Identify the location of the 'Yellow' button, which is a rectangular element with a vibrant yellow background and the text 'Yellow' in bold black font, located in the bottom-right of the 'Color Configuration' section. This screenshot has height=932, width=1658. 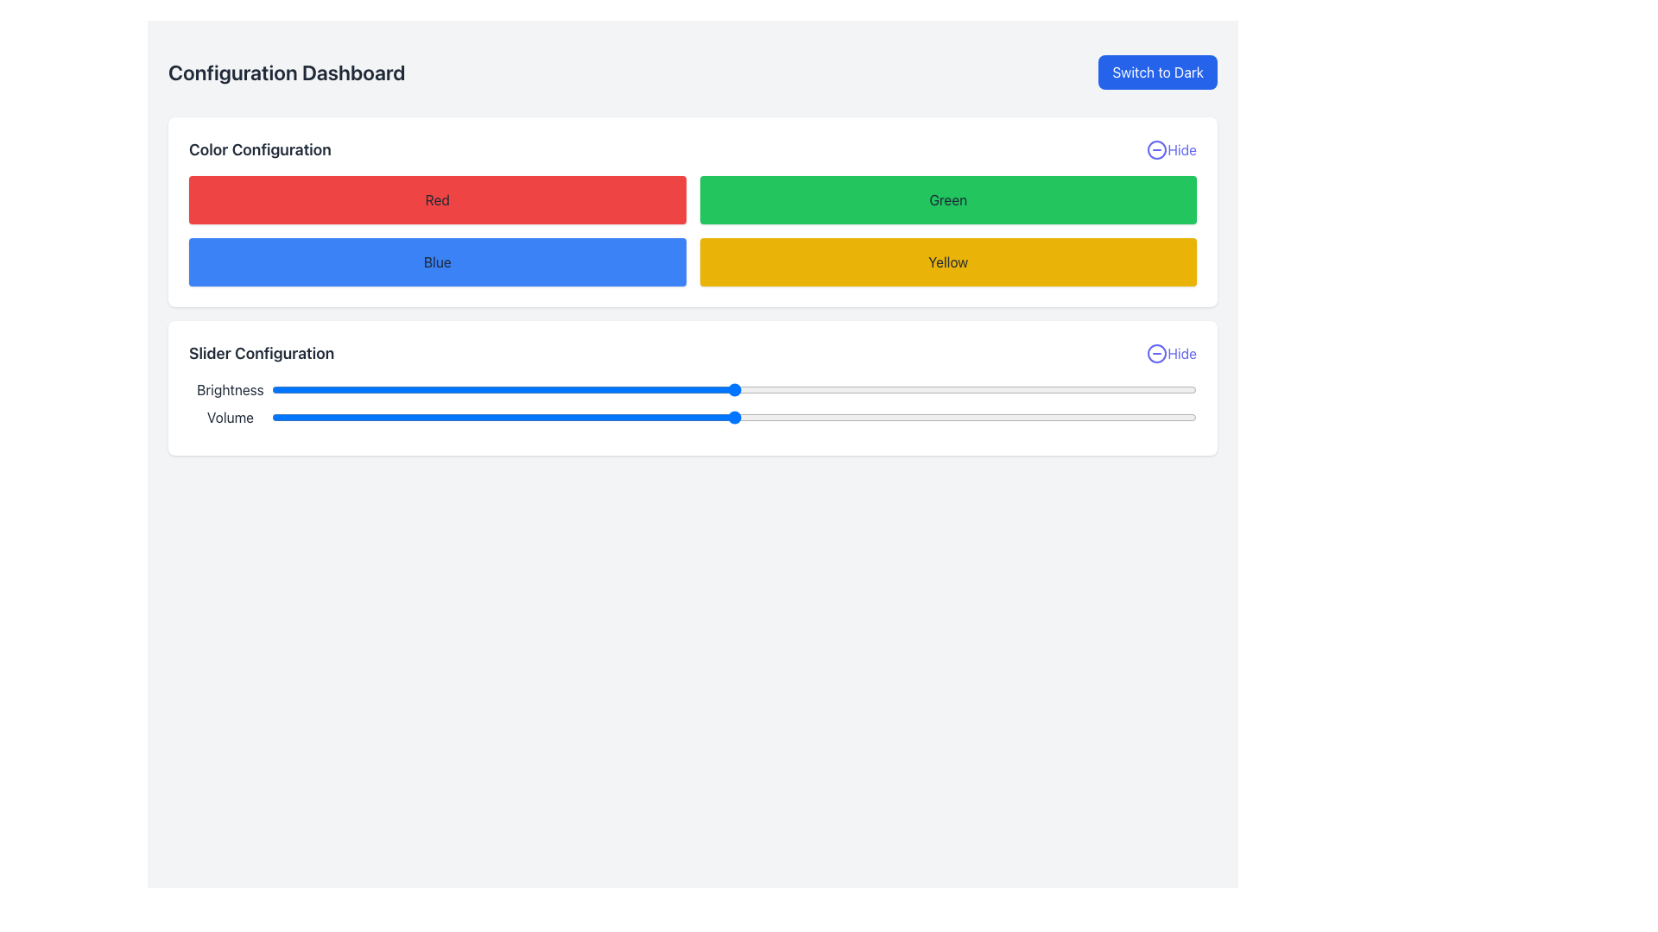
(947, 262).